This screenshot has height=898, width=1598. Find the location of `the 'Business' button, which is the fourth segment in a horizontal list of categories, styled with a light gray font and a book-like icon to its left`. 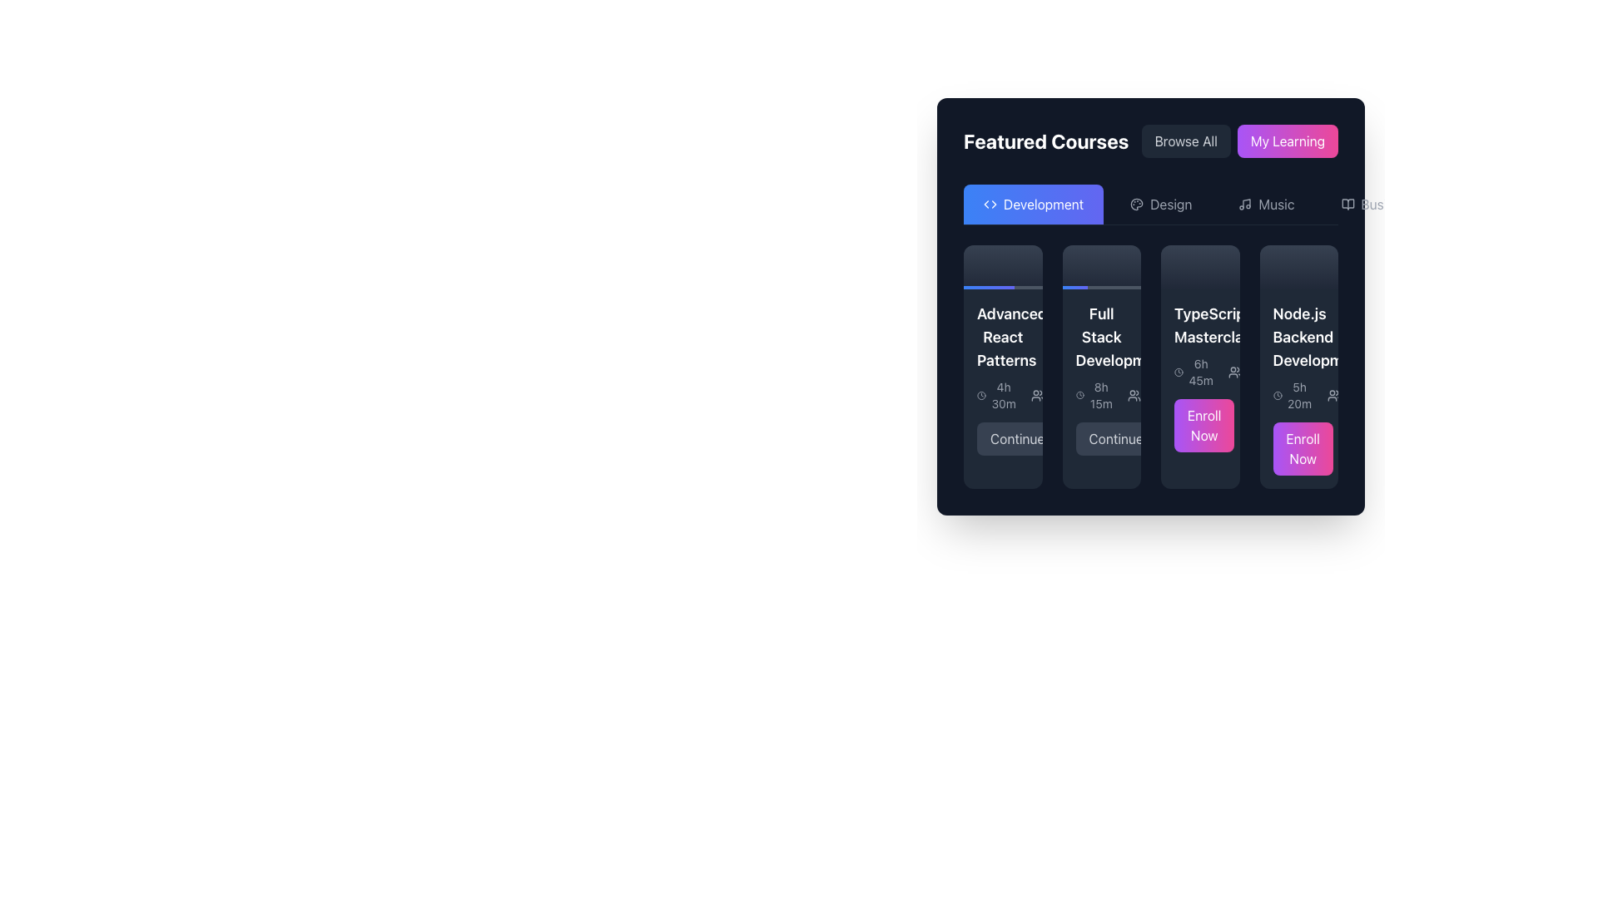

the 'Business' button, which is the fourth segment in a horizontal list of categories, styled with a light gray font and a book-like icon to its left is located at coordinates (1377, 204).